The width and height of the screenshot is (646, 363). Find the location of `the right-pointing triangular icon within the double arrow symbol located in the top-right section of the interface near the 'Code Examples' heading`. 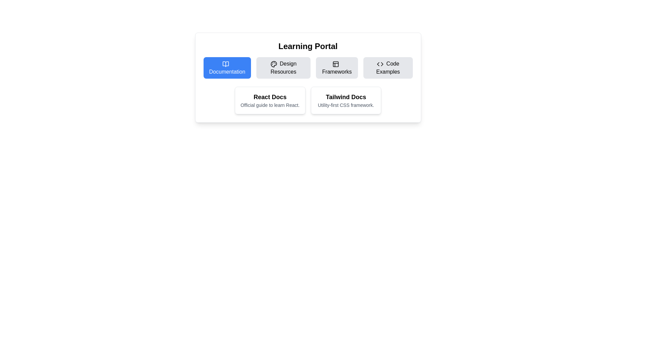

the right-pointing triangular icon within the double arrow symbol located in the top-right section of the interface near the 'Code Examples' heading is located at coordinates (382, 64).